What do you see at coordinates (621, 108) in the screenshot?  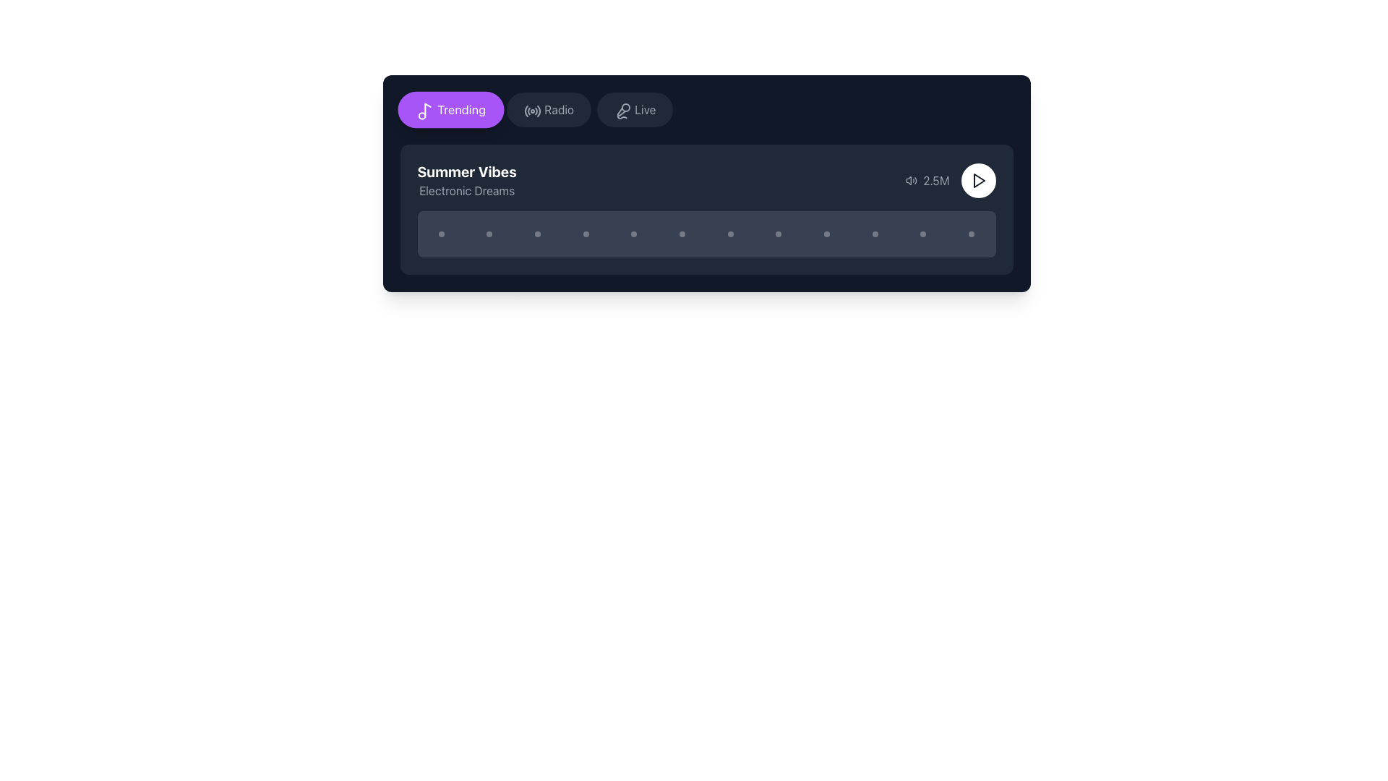 I see `the interactive icon associated with the 'Live' button on the navigation bar` at bounding box center [621, 108].